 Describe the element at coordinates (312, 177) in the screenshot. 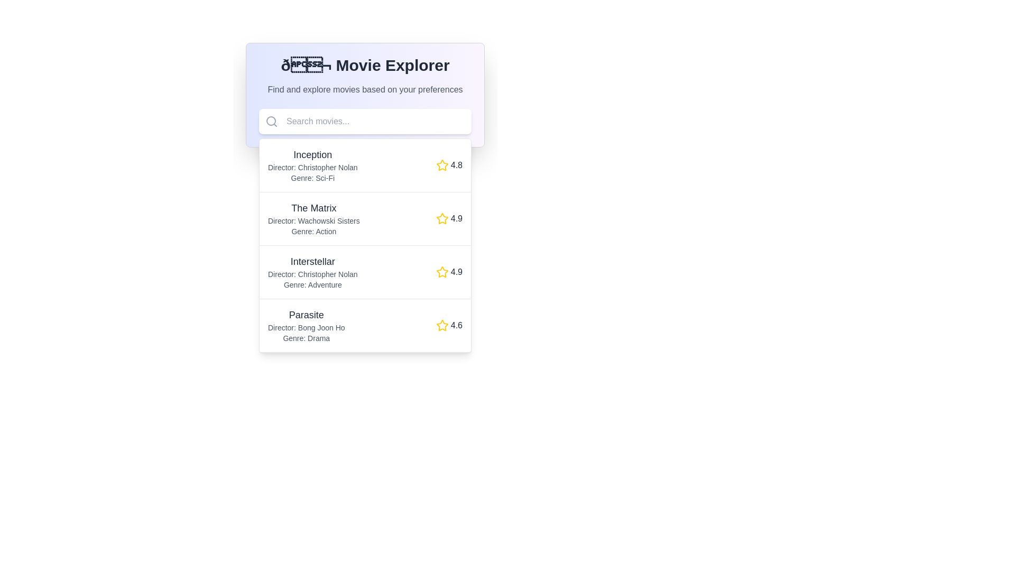

I see `text label conveying the genre of the movie 'Inception', which is located below the 'Director: Christopher Nolan' text and above the second listed movie` at that location.